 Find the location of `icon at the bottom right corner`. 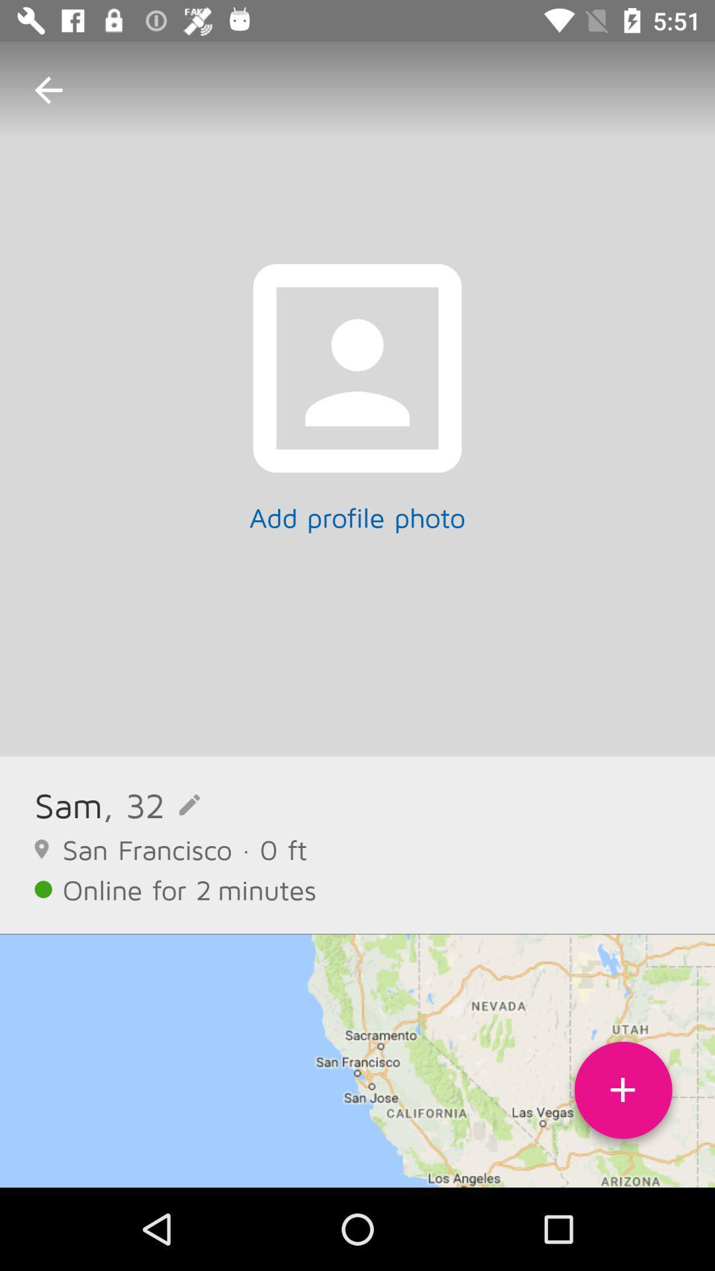

icon at the bottom right corner is located at coordinates (623, 1095).